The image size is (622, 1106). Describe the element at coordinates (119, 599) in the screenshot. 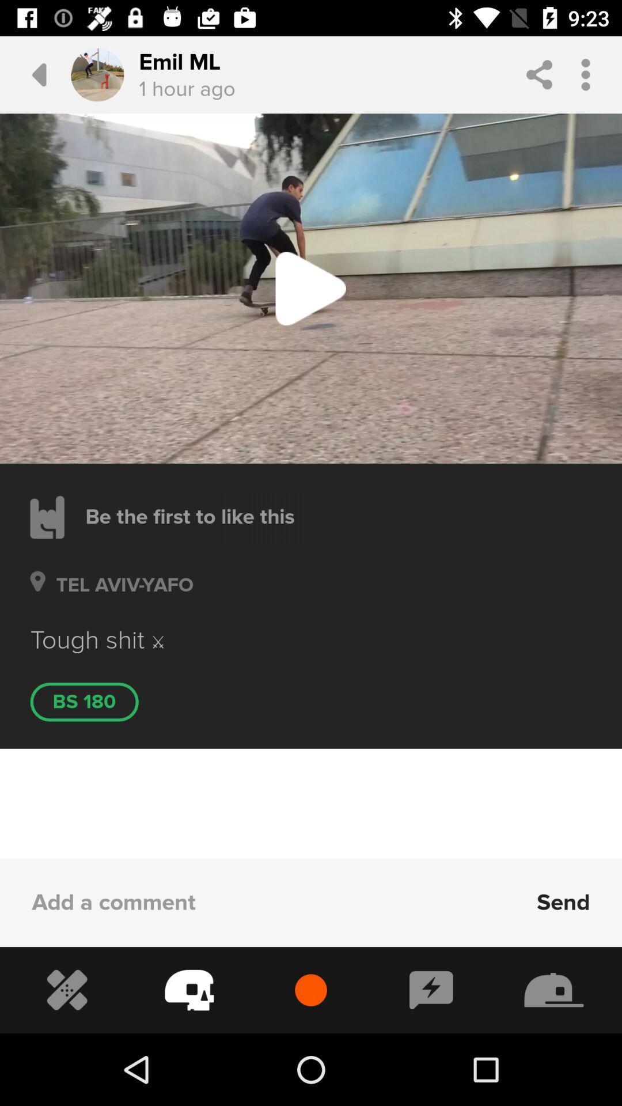

I see `the text above tough shit x` at that location.